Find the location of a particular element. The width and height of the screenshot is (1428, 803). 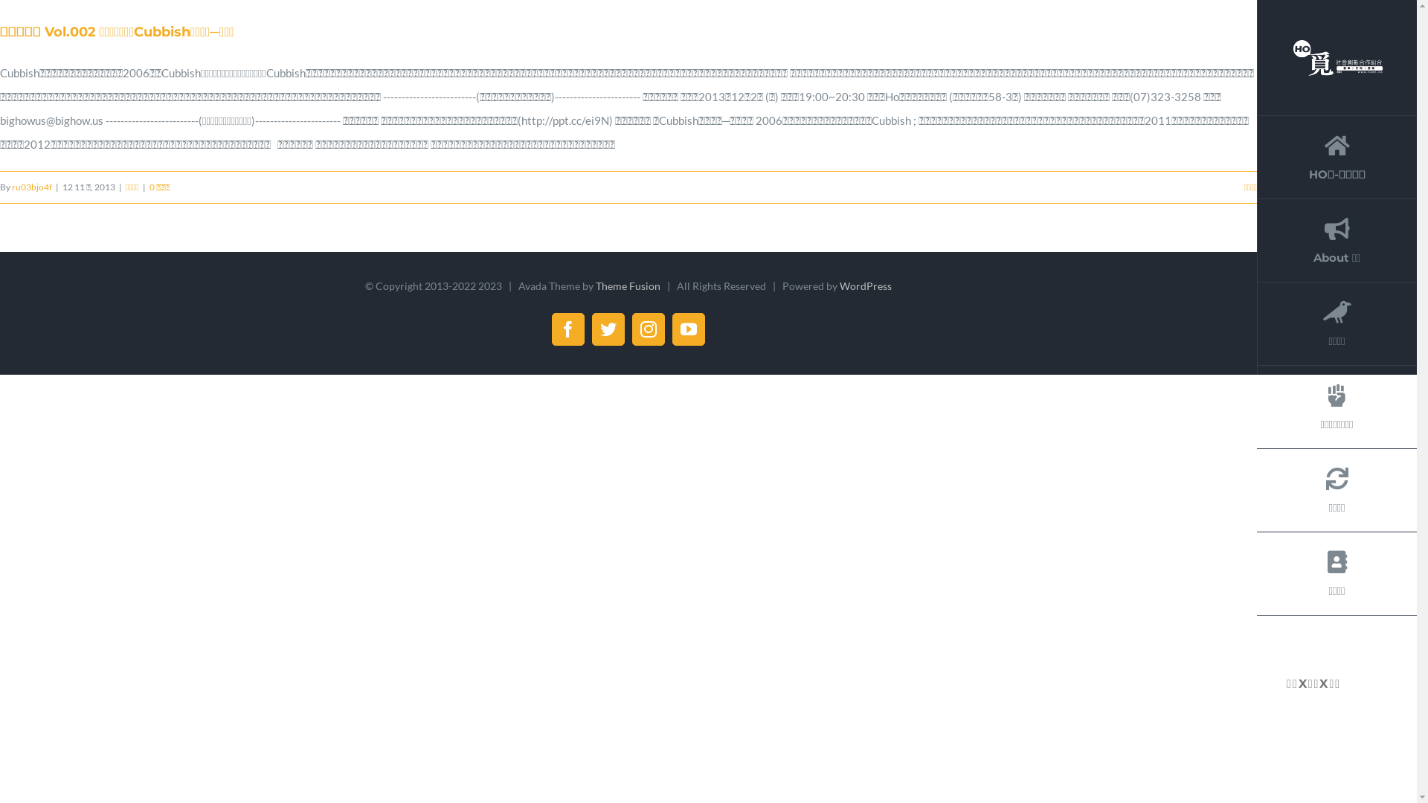

'YouTube' is located at coordinates (688, 329).